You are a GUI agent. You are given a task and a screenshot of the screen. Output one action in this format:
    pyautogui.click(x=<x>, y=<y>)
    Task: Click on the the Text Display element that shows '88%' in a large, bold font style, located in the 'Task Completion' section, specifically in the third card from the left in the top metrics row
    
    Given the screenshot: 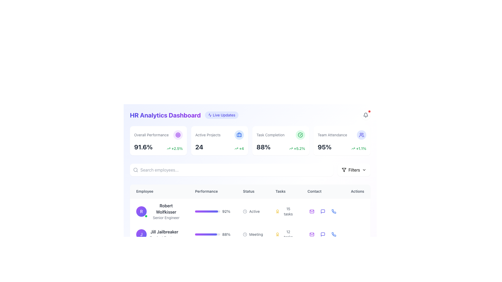 What is the action you would take?
    pyautogui.click(x=263, y=147)
    